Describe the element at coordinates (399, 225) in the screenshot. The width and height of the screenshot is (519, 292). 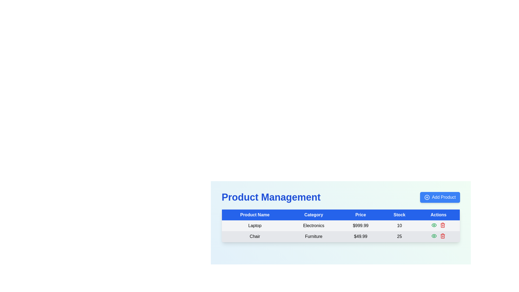
I see `the Static Text displaying the numeric value '10' in the 'Stock' column of the first row under the 'Product Management' section` at that location.